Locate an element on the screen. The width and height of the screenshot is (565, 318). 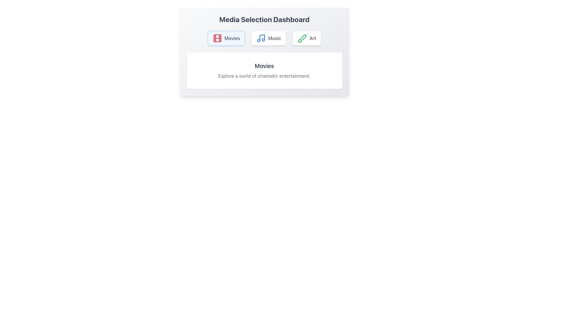
the third button in the row of three buttons under the 'Media Selection Dashboard' title is located at coordinates (306, 38).